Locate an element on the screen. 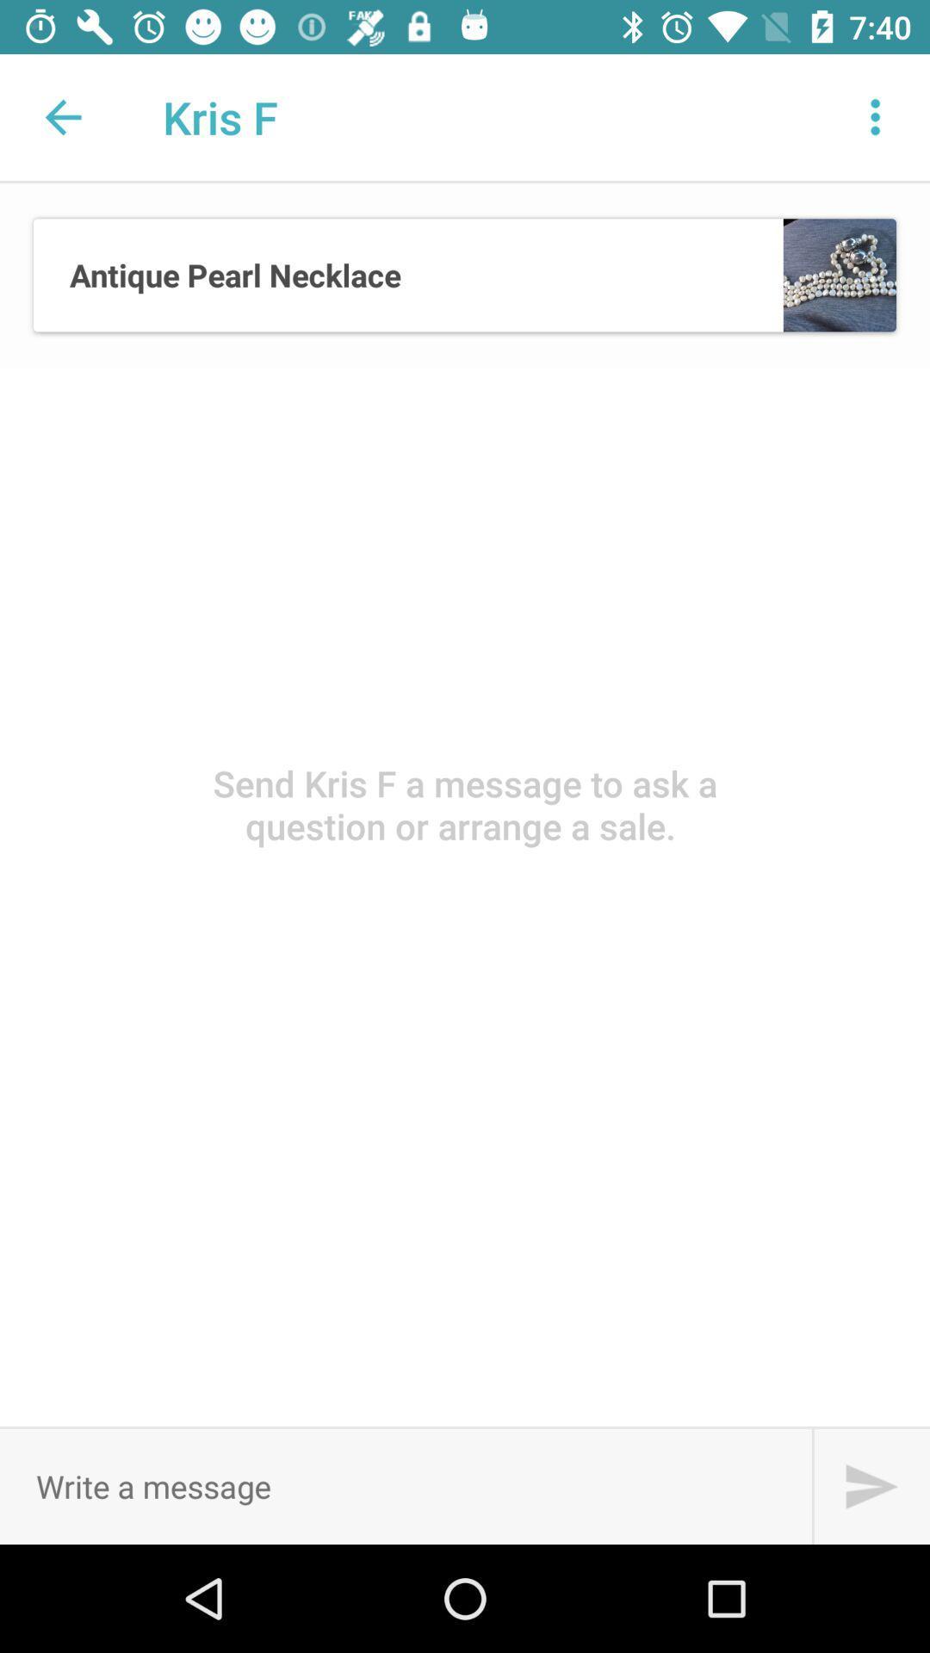  shows type message is located at coordinates (406, 1485).